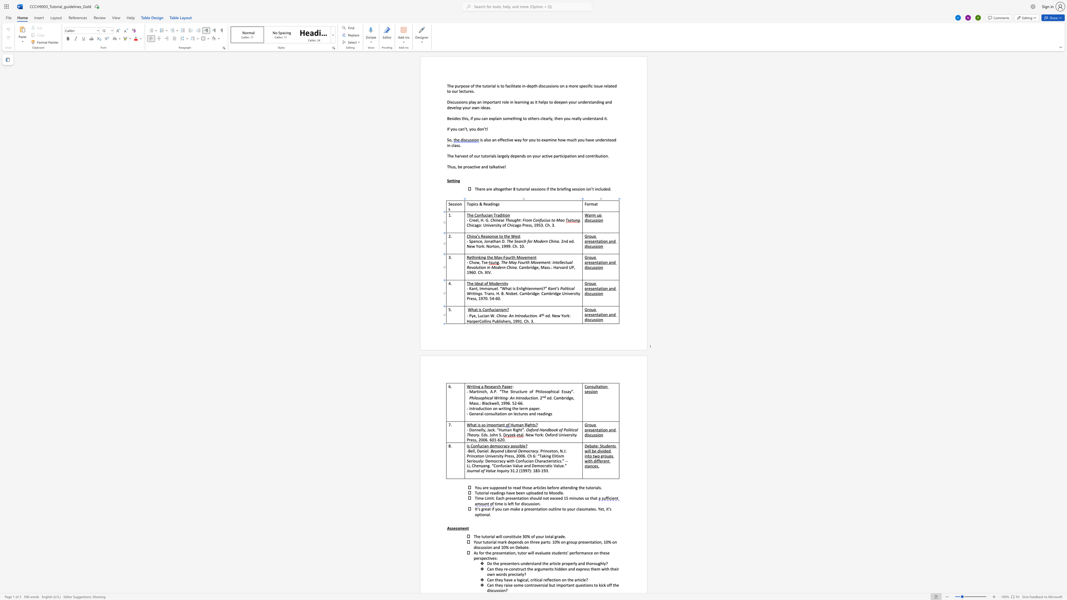 The width and height of the screenshot is (1067, 600). What do you see at coordinates (479, 309) in the screenshot?
I see `the 1th character "i" in the text` at bounding box center [479, 309].